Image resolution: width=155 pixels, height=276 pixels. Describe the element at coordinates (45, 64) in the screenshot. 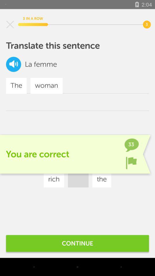

I see `item above the woman item` at that location.